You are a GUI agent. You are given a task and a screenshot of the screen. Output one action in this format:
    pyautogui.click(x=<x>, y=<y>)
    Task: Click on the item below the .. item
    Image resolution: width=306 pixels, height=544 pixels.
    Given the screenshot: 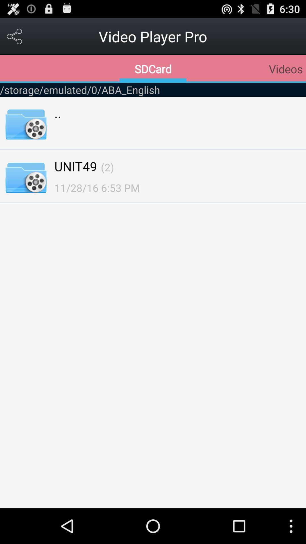 What is the action you would take?
    pyautogui.click(x=75, y=166)
    